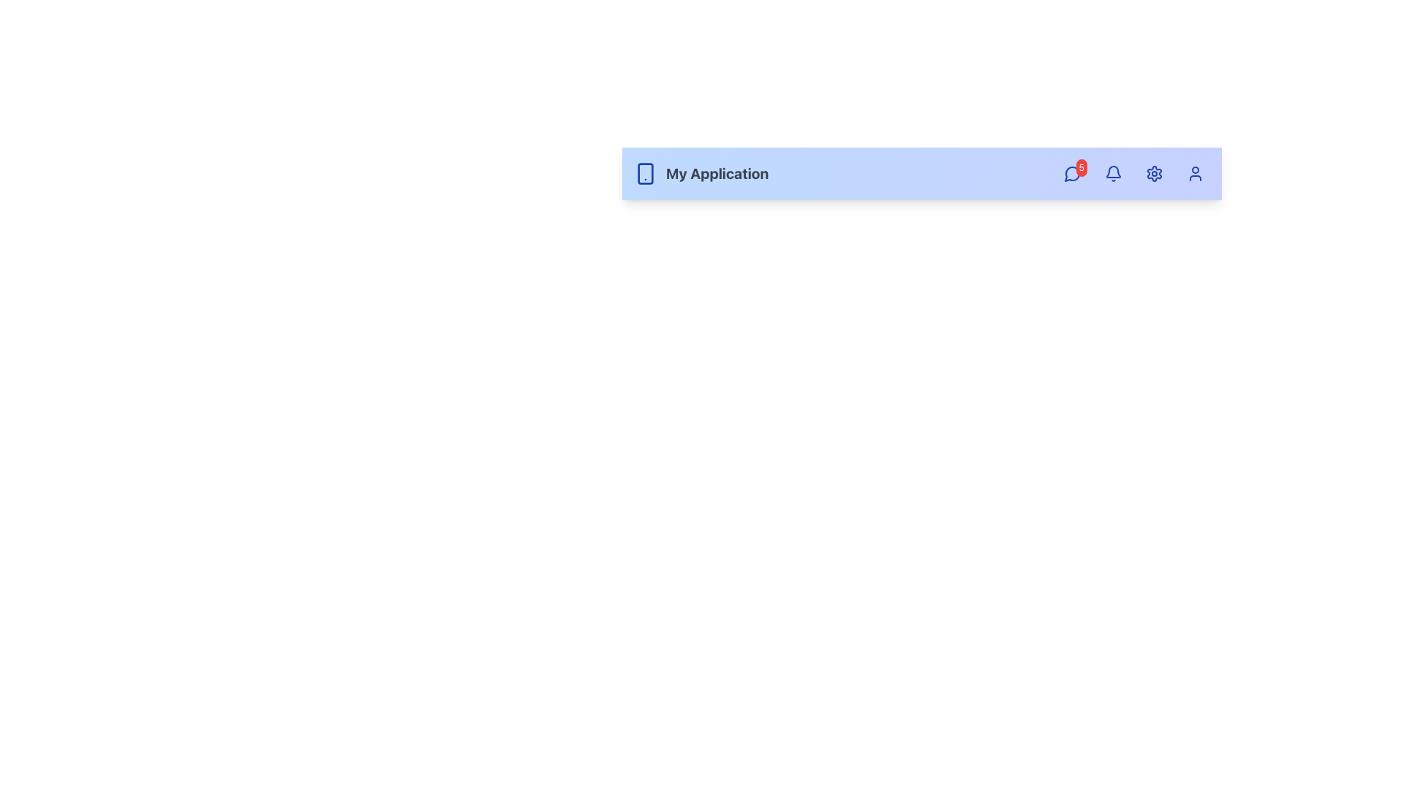 The image size is (1404, 789). What do you see at coordinates (1154, 173) in the screenshot?
I see `the icon button for settings located as the third item from the right` at bounding box center [1154, 173].